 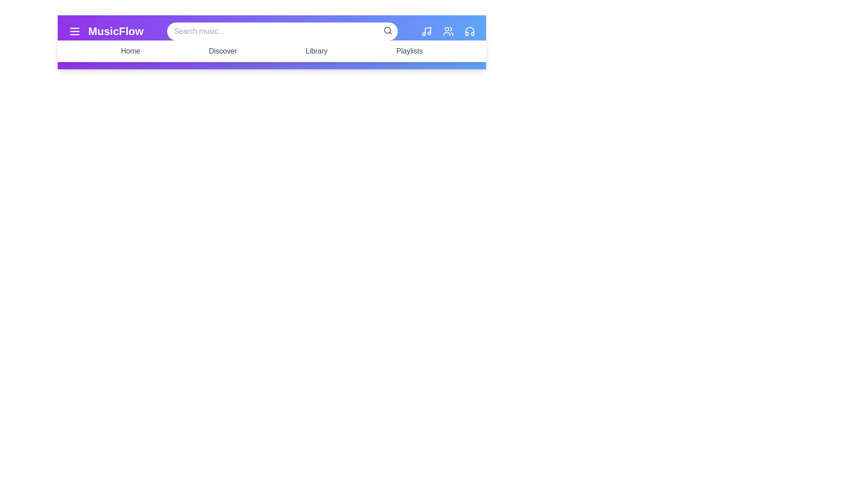 What do you see at coordinates (75, 31) in the screenshot?
I see `the menu button to toggle the menu state` at bounding box center [75, 31].